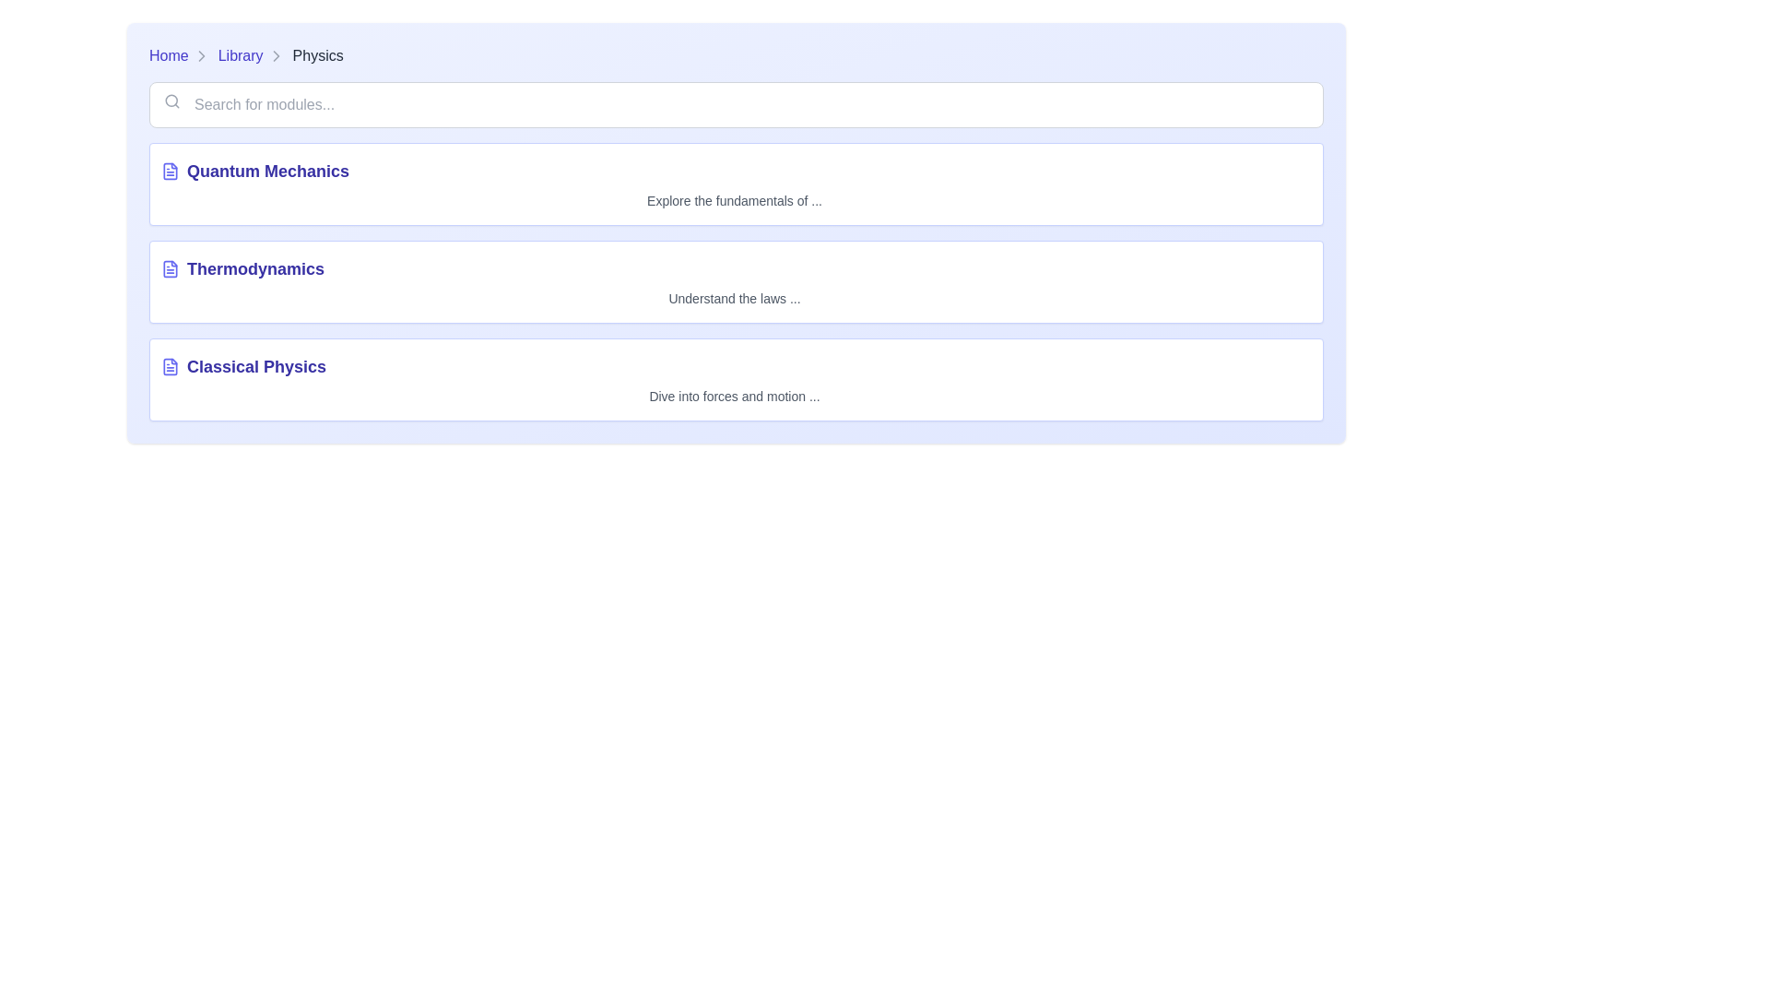 The height and width of the screenshot is (996, 1770). I want to click on the small right-pointing chevron icon in the breadcrumb navigation bar, which is adjacent to the 'Library' breadcrumb text, so click(201, 55).